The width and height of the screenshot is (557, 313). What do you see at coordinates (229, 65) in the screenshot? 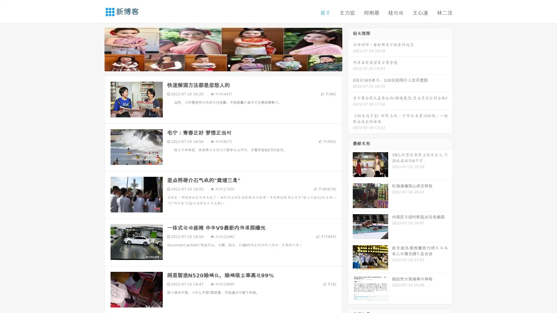
I see `Go to slide 3` at bounding box center [229, 65].